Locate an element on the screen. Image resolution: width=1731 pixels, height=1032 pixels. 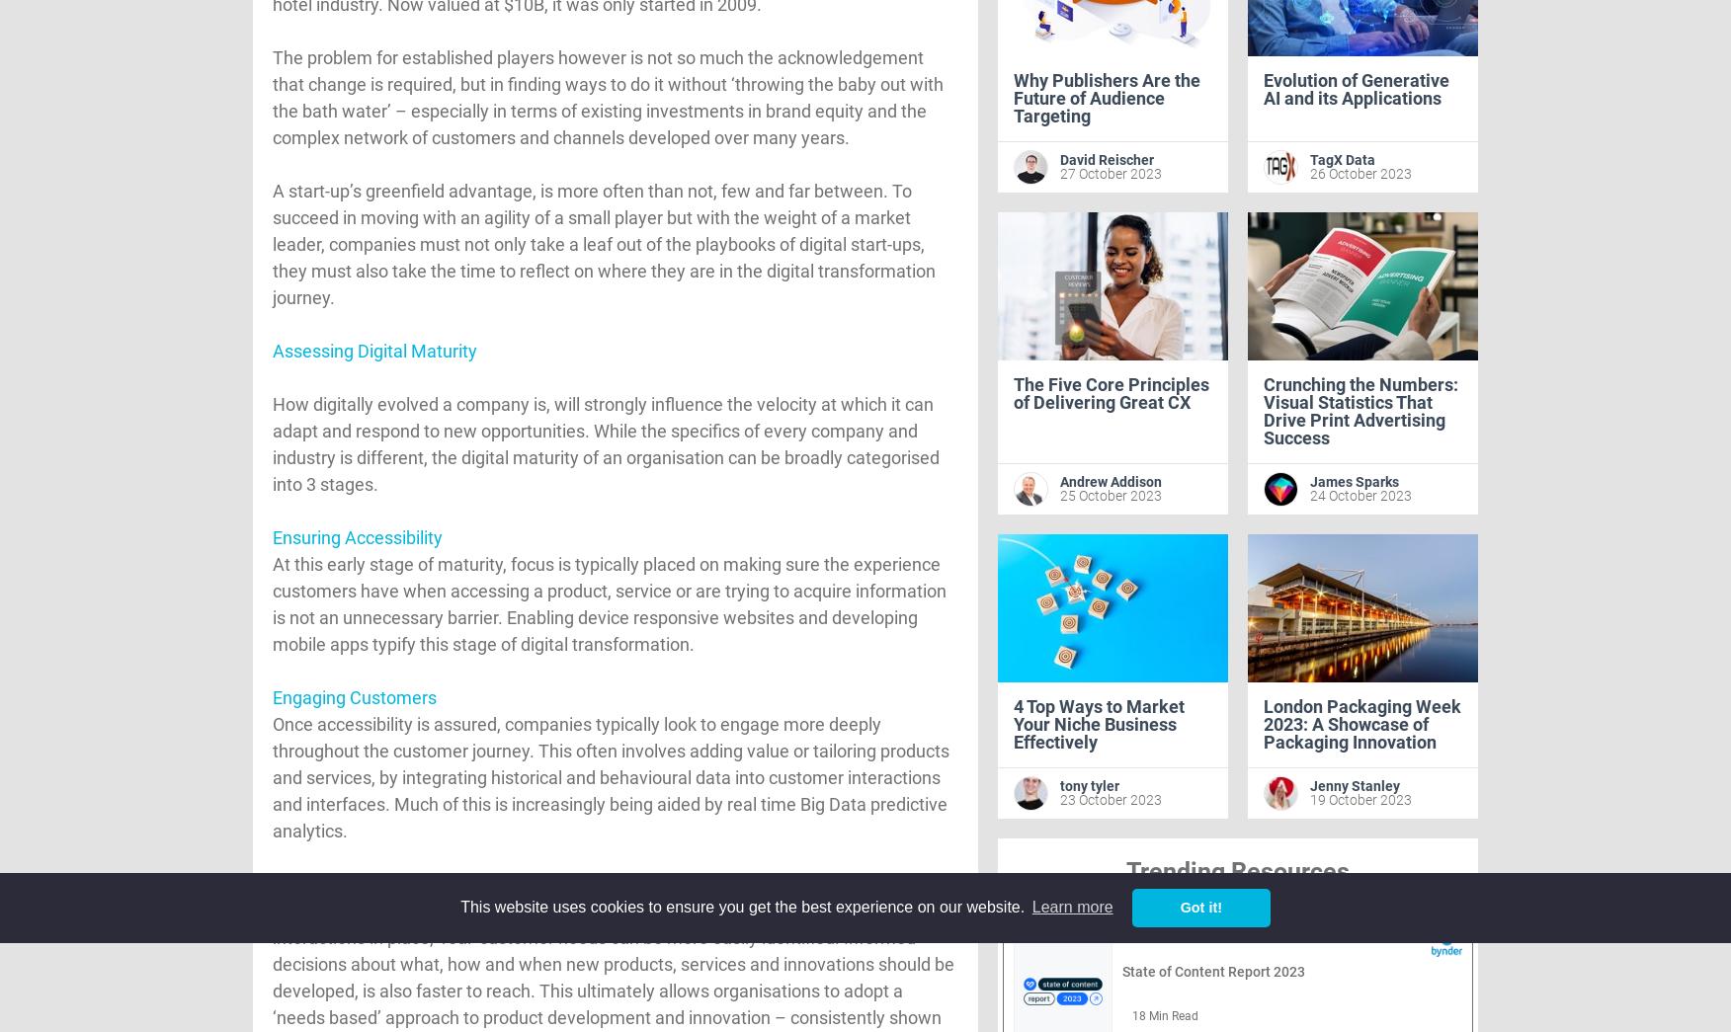
'Augmenting Products & Services' is located at coordinates (399, 884).